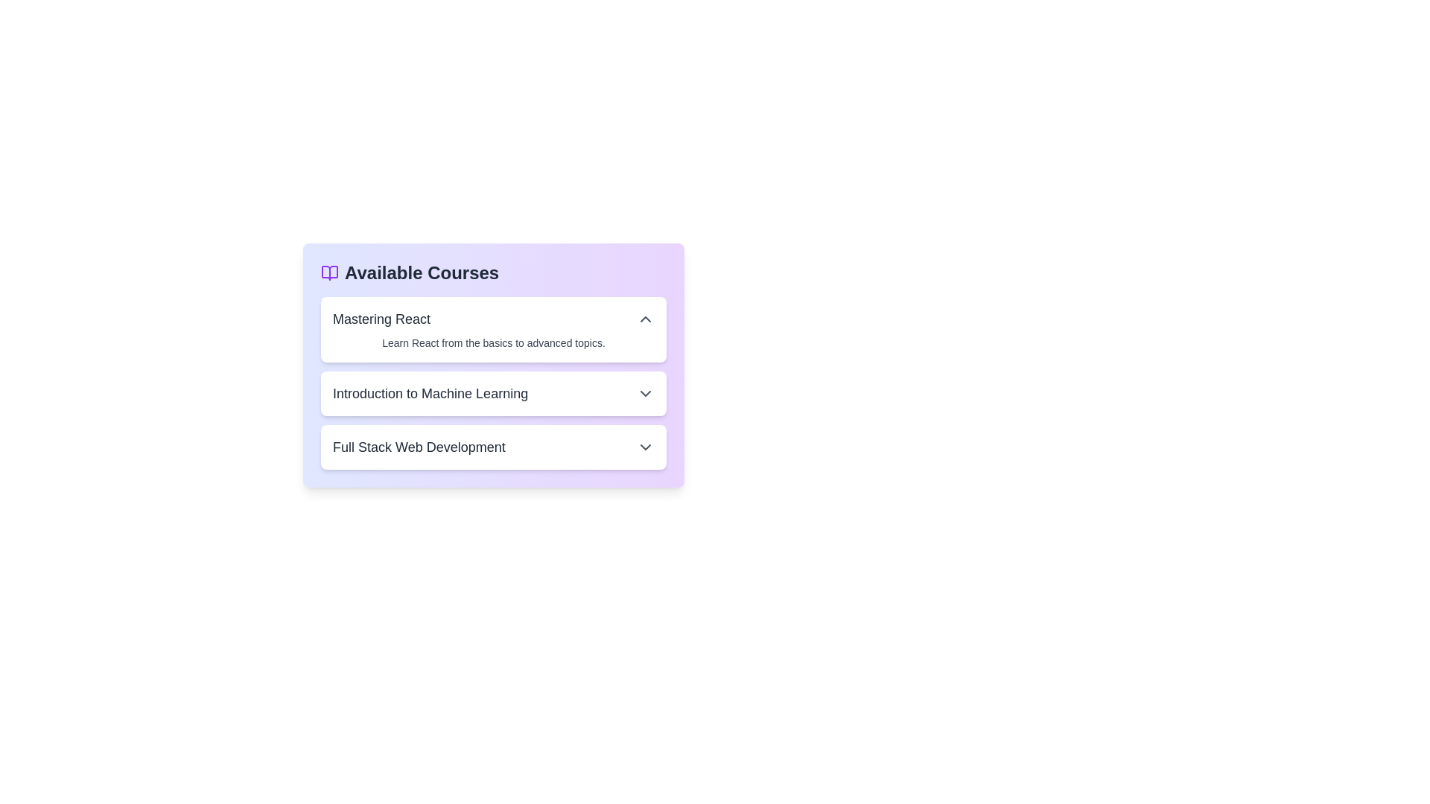 The height and width of the screenshot is (804, 1430). Describe the element at coordinates (493, 329) in the screenshot. I see `the course item titled Mastering React` at that location.